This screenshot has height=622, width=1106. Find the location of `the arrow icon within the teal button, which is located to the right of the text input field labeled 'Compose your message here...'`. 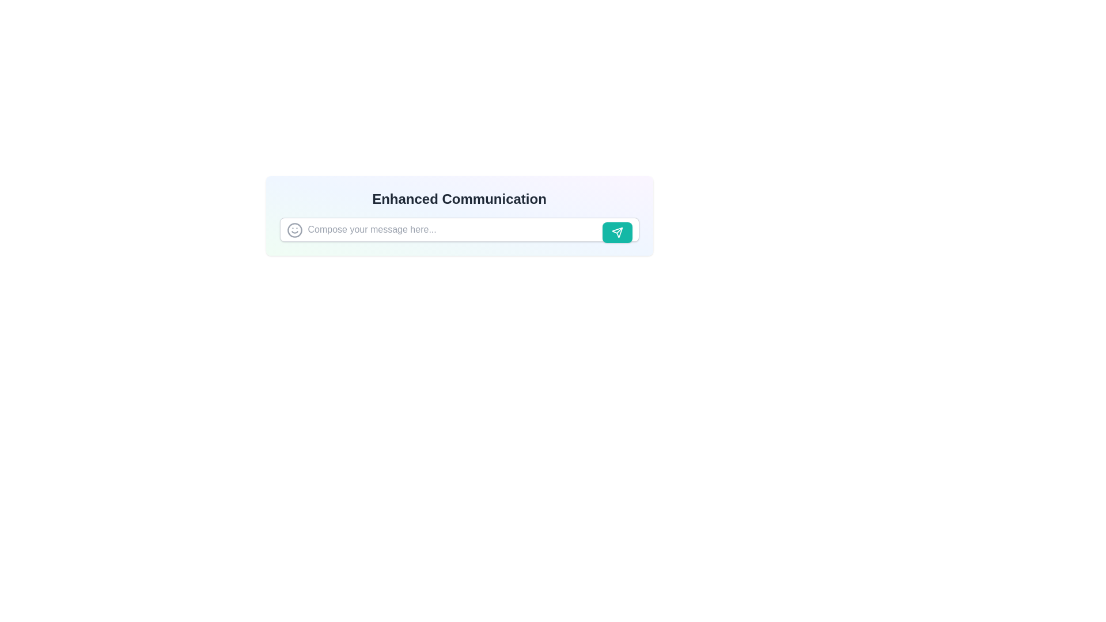

the arrow icon within the teal button, which is located to the right of the text input field labeled 'Compose your message here...' is located at coordinates (616, 233).